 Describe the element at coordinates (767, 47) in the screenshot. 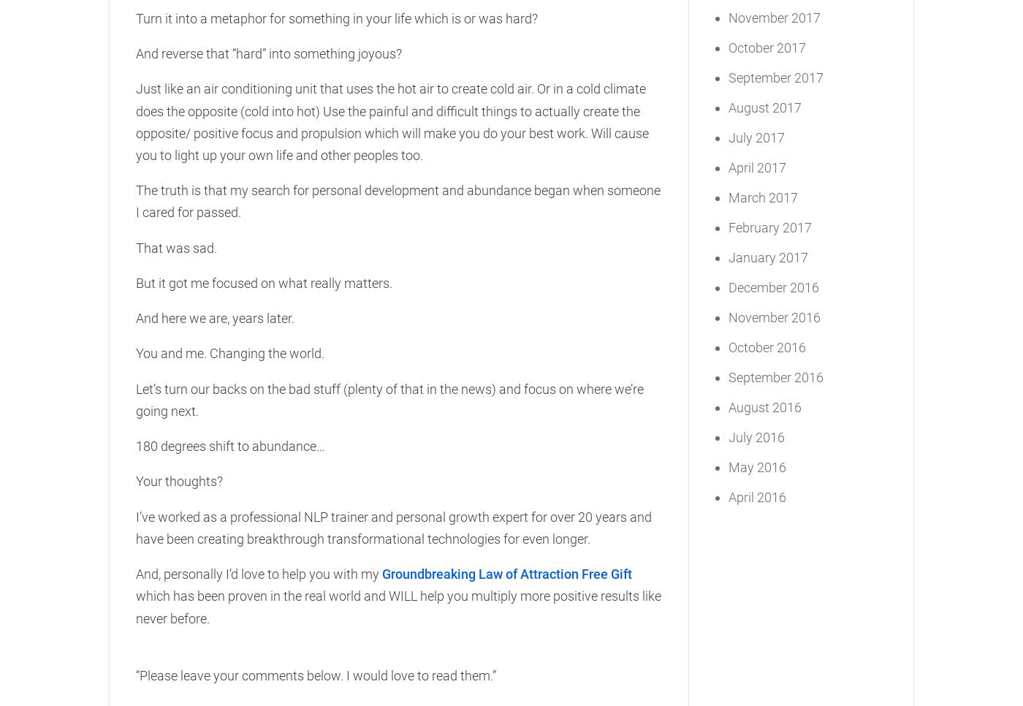

I see `'October 2017'` at that location.